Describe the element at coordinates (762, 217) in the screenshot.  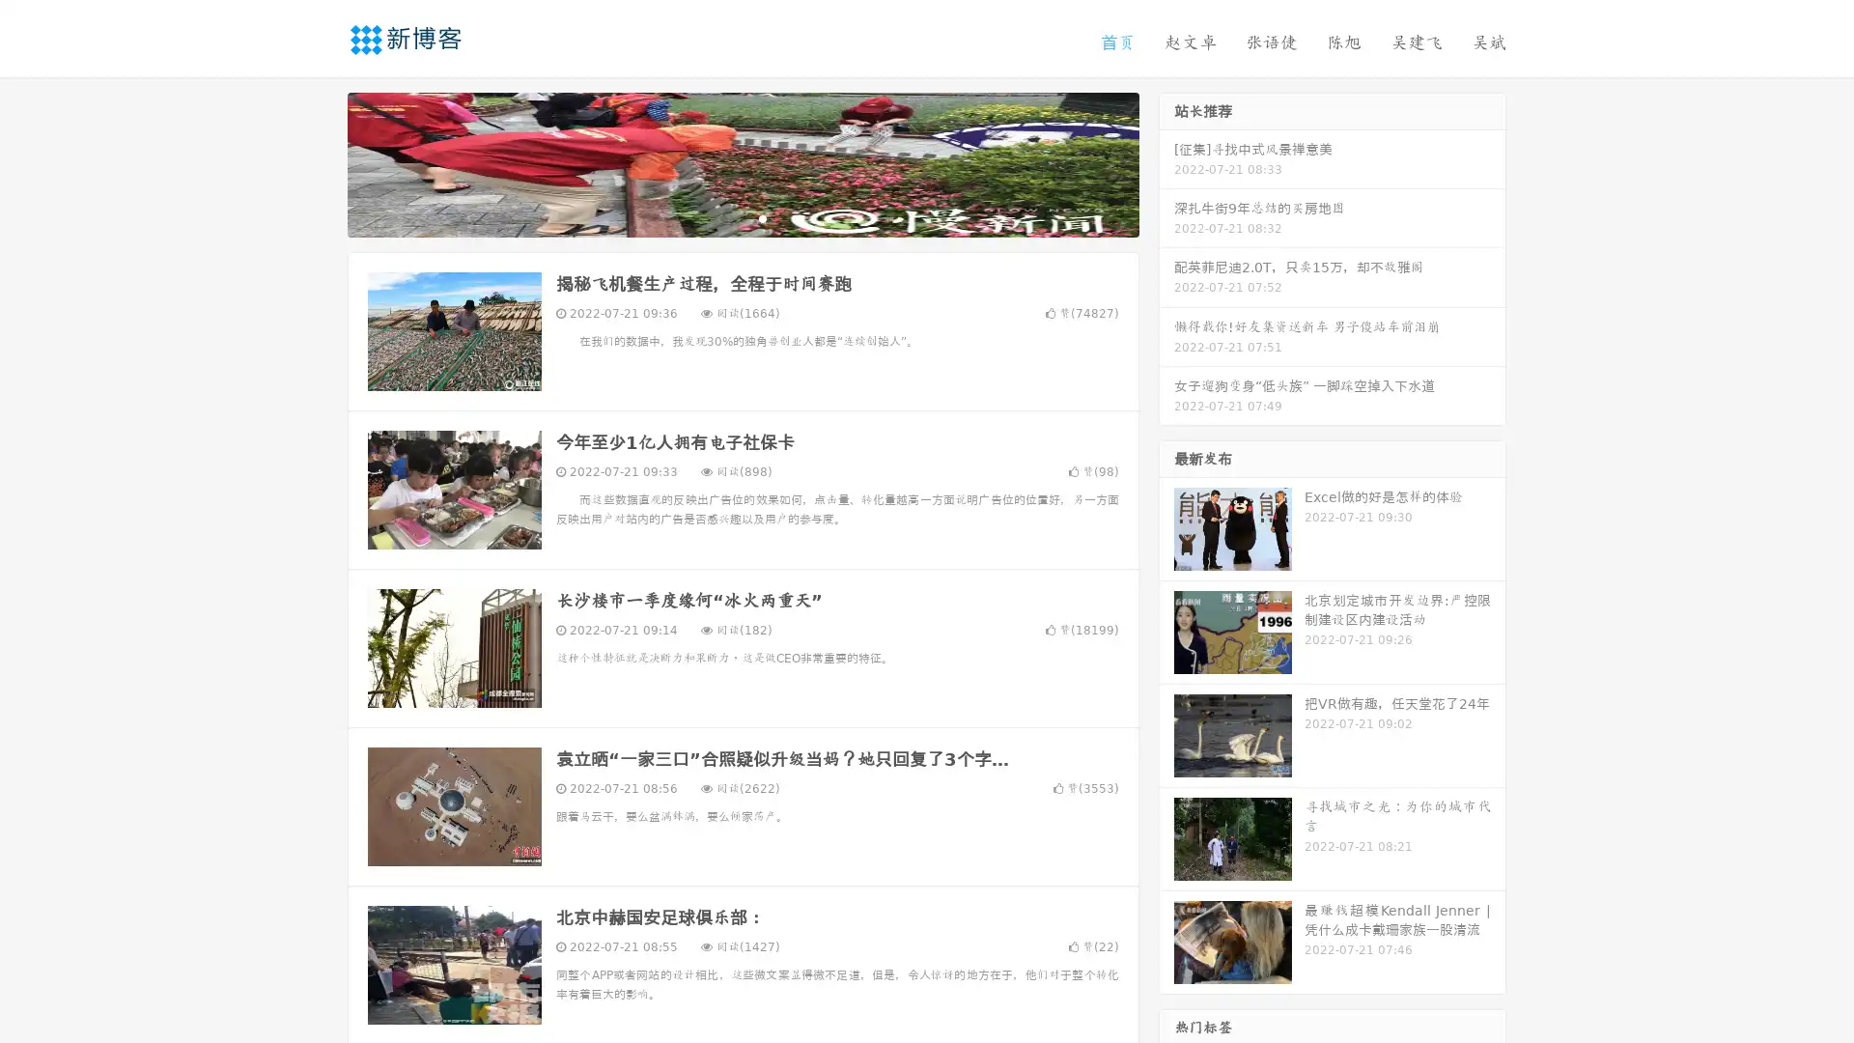
I see `Go to slide 3` at that location.